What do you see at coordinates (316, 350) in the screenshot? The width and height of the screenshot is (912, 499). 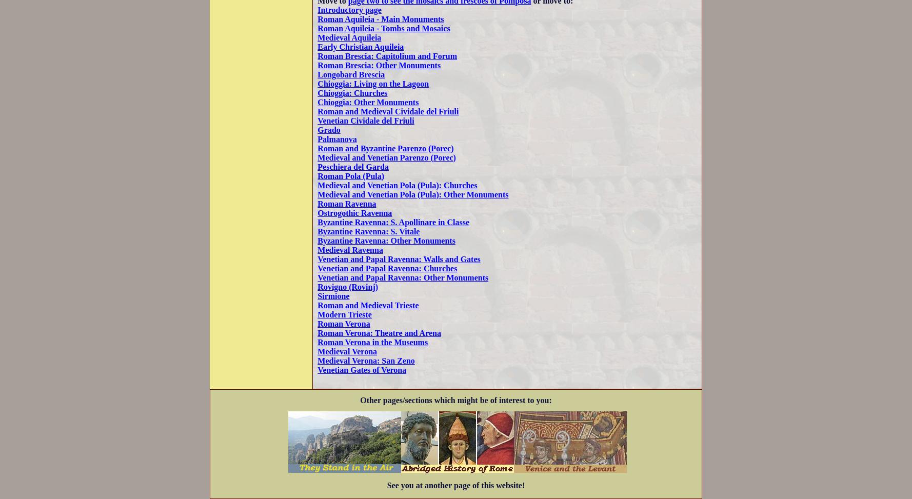 I see `'Medieval Verona'` at bounding box center [316, 350].